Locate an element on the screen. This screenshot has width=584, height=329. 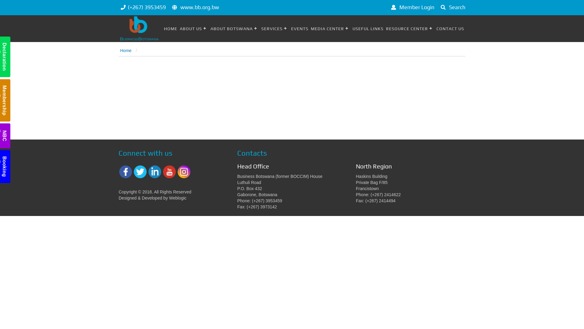
'www.bb.org.bw' is located at coordinates (200, 7).